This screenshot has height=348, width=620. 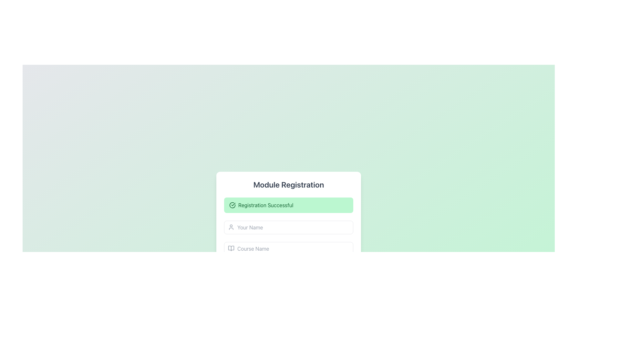 What do you see at coordinates (288, 205) in the screenshot?
I see `message from the Notification banner styled with a green background and containing the text 'Registration Successful'` at bounding box center [288, 205].